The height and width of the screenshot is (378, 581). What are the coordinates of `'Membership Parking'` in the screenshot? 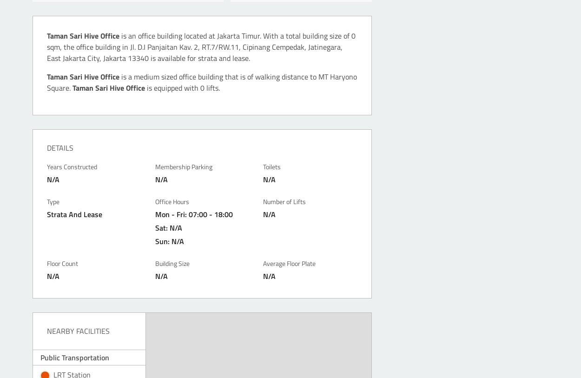 It's located at (183, 166).